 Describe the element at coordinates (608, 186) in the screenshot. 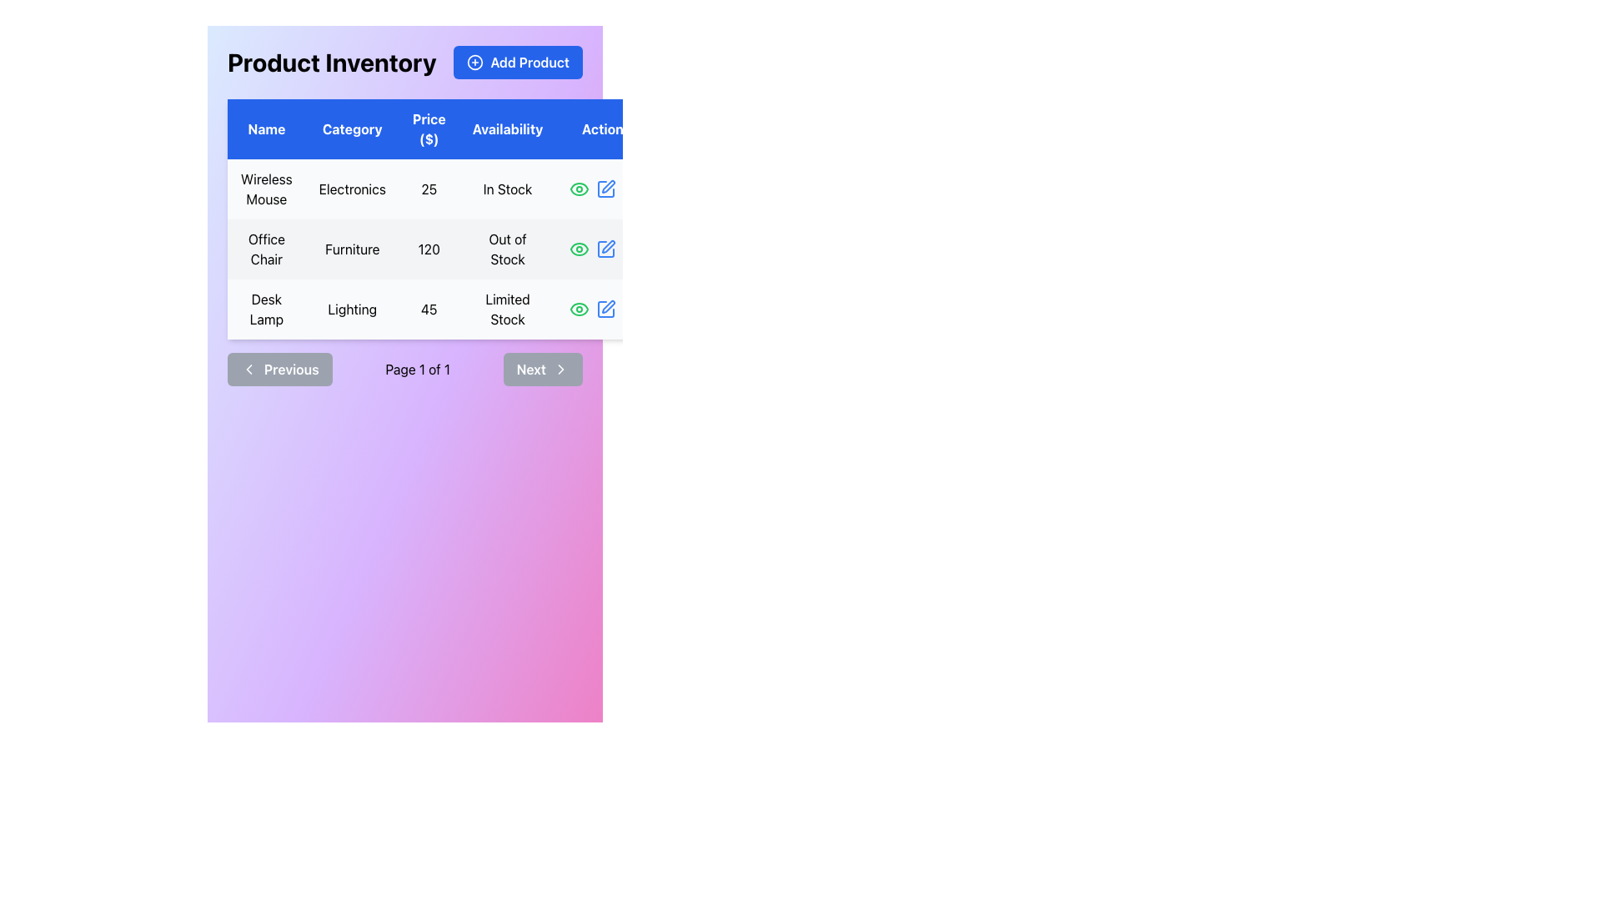

I see `the edit icon of the 'Office Chair' row located in the 'Actions' column` at that location.